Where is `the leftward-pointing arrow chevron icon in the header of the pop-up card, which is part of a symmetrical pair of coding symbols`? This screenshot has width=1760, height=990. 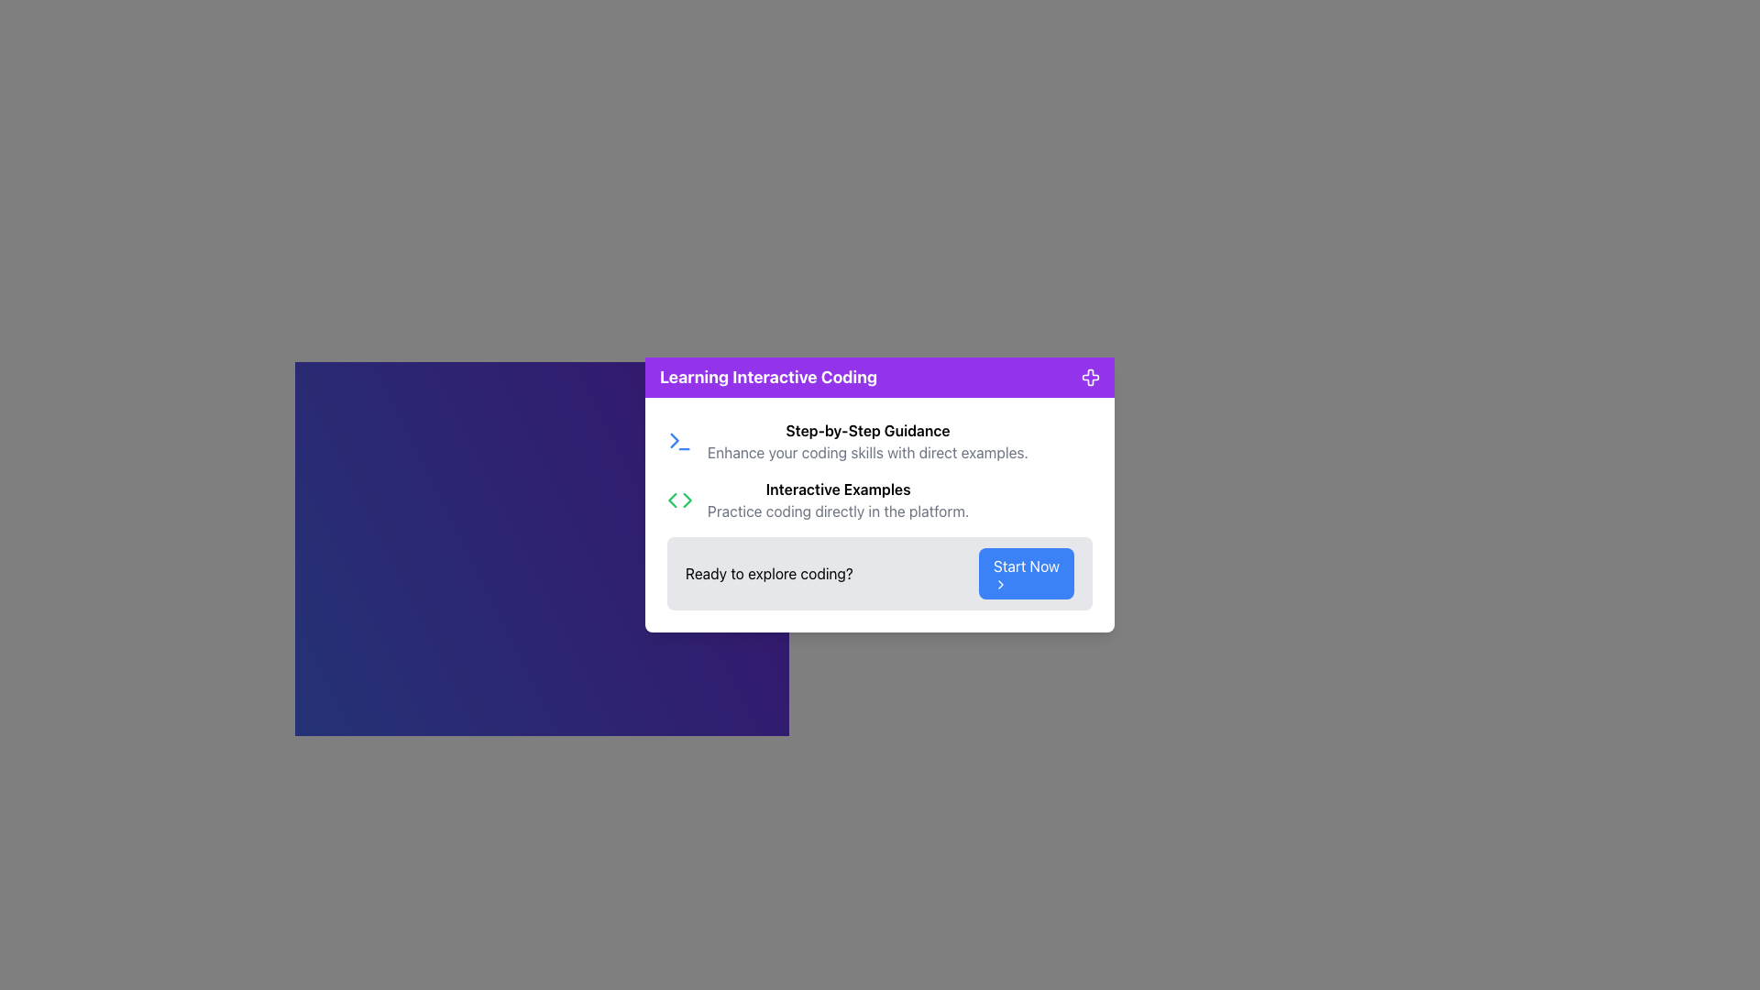 the leftward-pointing arrow chevron icon in the header of the pop-up card, which is part of a symmetrical pair of coding symbols is located at coordinates (671, 500).